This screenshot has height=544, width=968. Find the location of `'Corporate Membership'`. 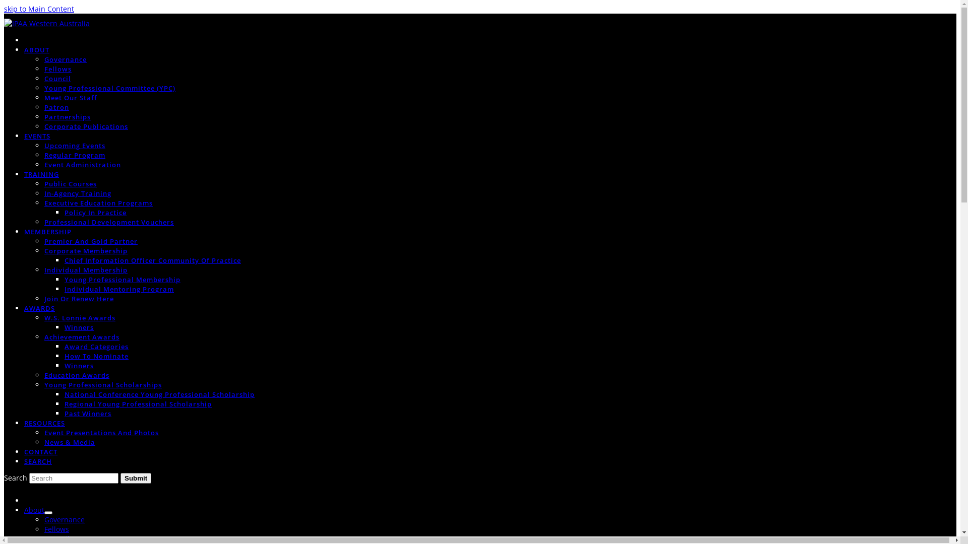

'Corporate Membership' is located at coordinates (86, 250).